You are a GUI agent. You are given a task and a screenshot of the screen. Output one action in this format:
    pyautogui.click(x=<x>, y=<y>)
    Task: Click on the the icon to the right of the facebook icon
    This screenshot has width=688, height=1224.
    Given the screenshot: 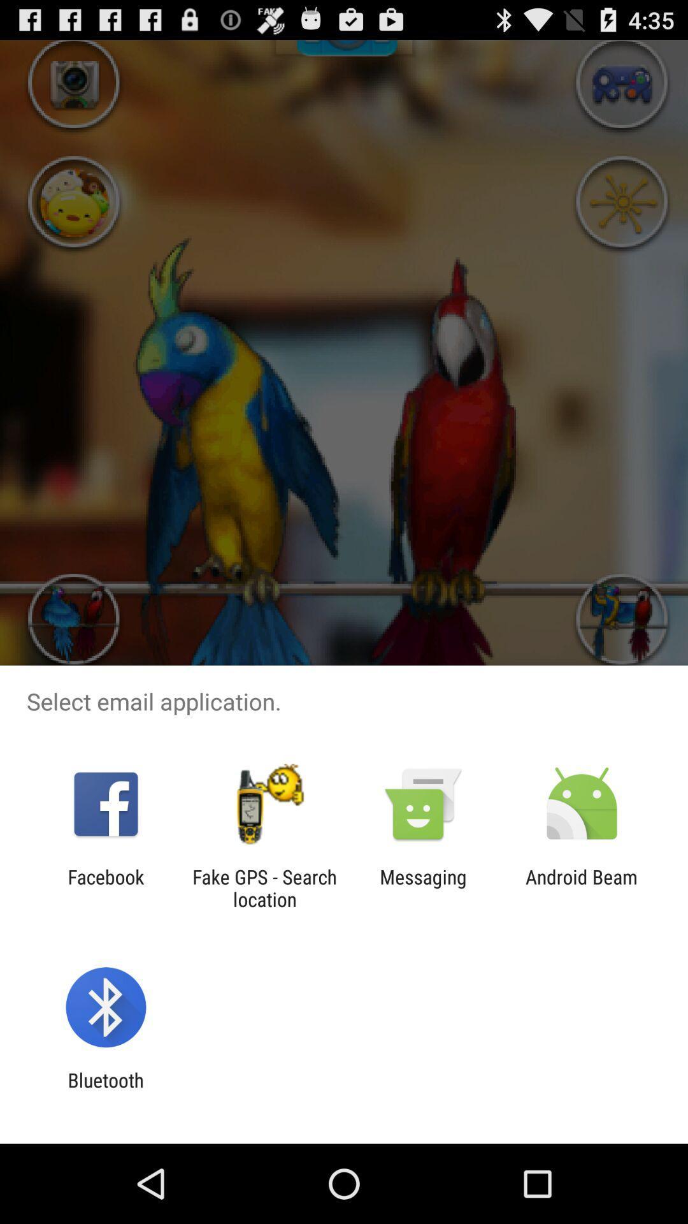 What is the action you would take?
    pyautogui.click(x=264, y=887)
    